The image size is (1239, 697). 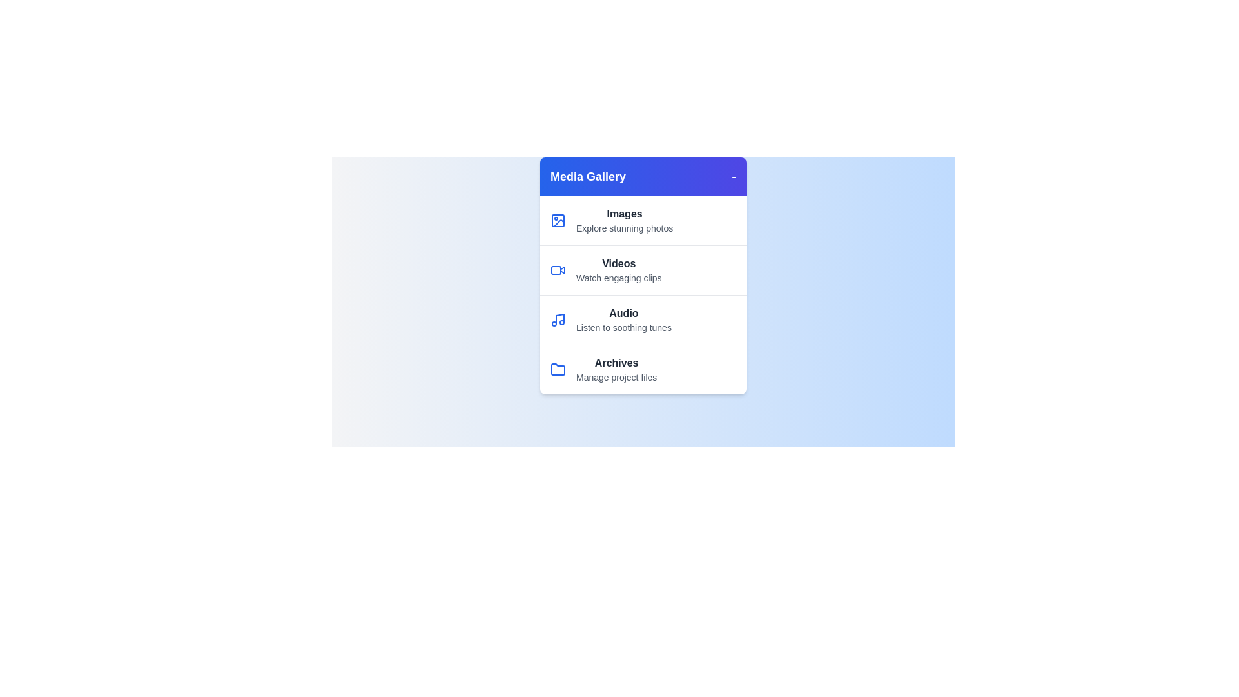 I want to click on the media category item labeled 'Audio' to observe hover effects, so click(x=643, y=319).